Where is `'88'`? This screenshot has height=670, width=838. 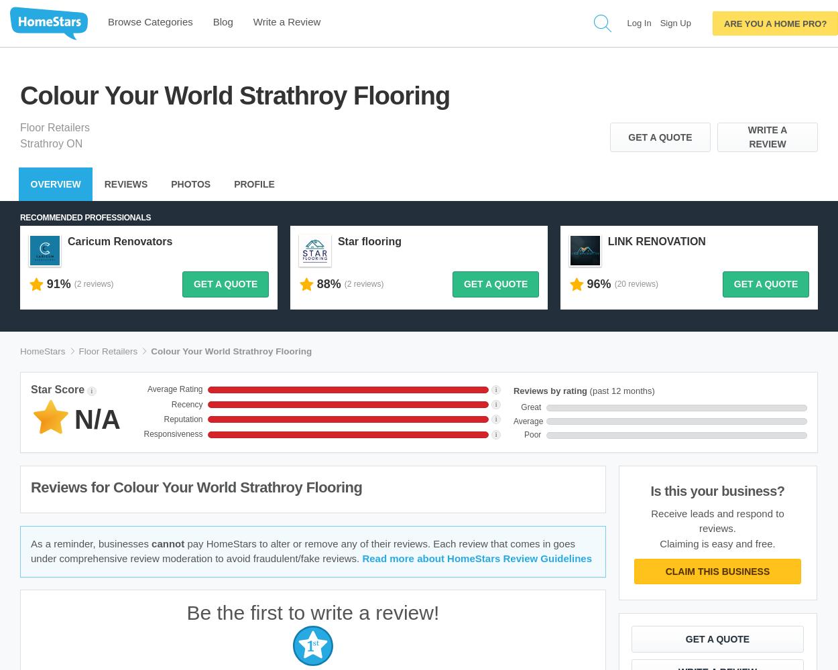 '88' is located at coordinates (322, 284).